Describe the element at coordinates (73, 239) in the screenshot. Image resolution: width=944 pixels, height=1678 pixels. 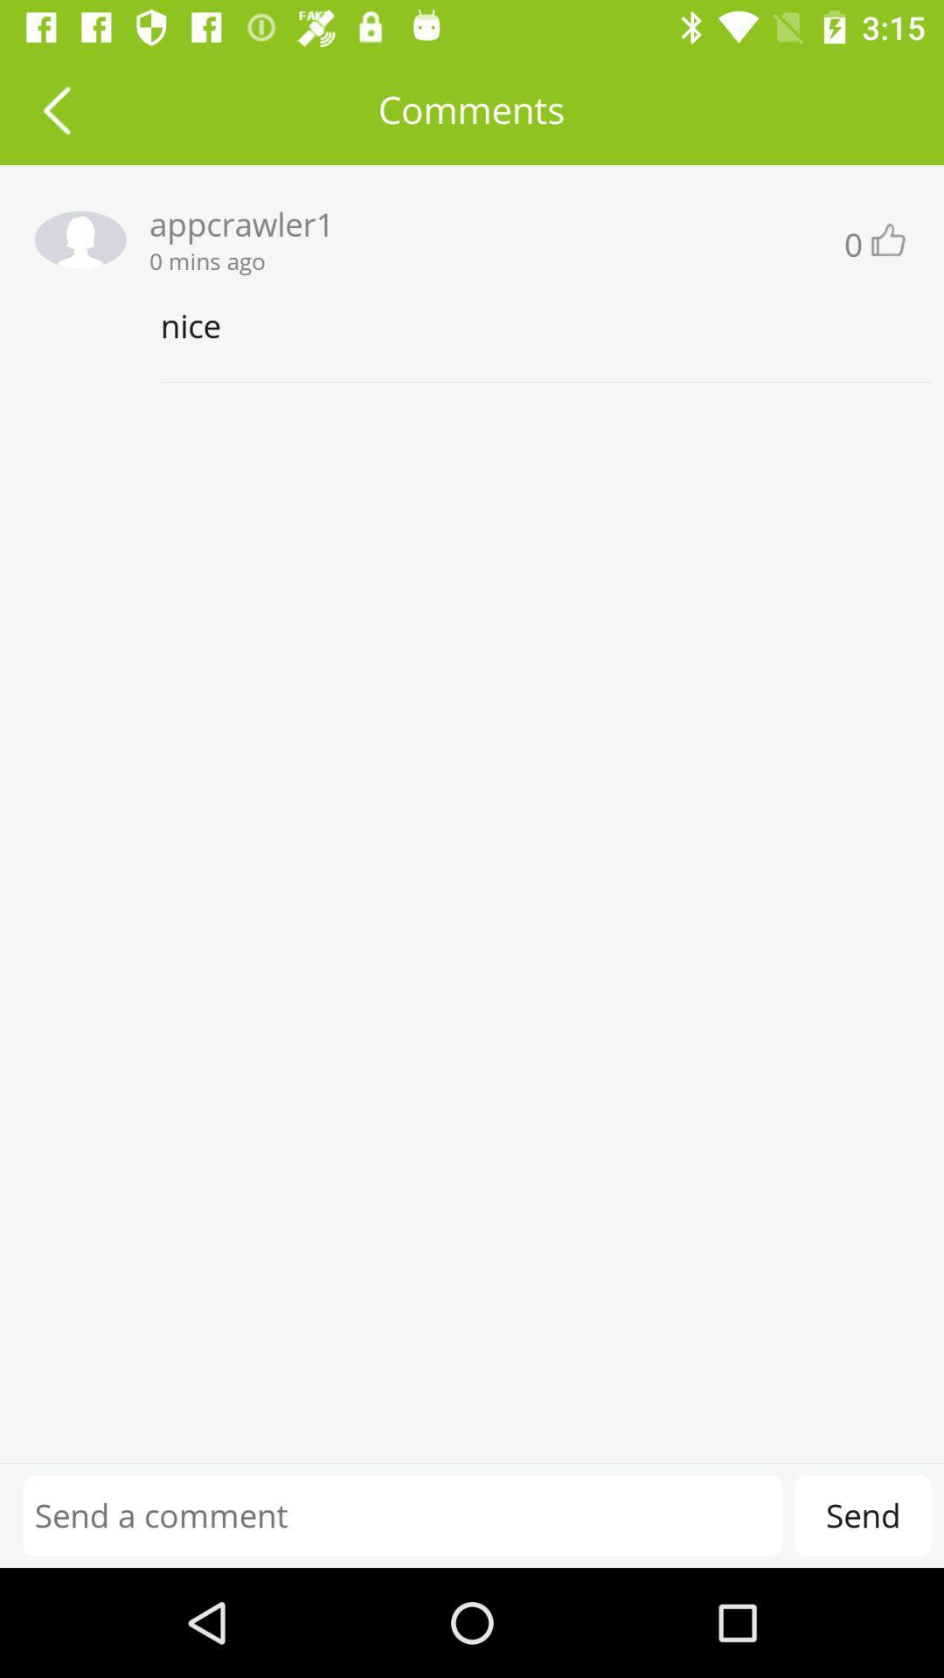
I see `profile` at that location.